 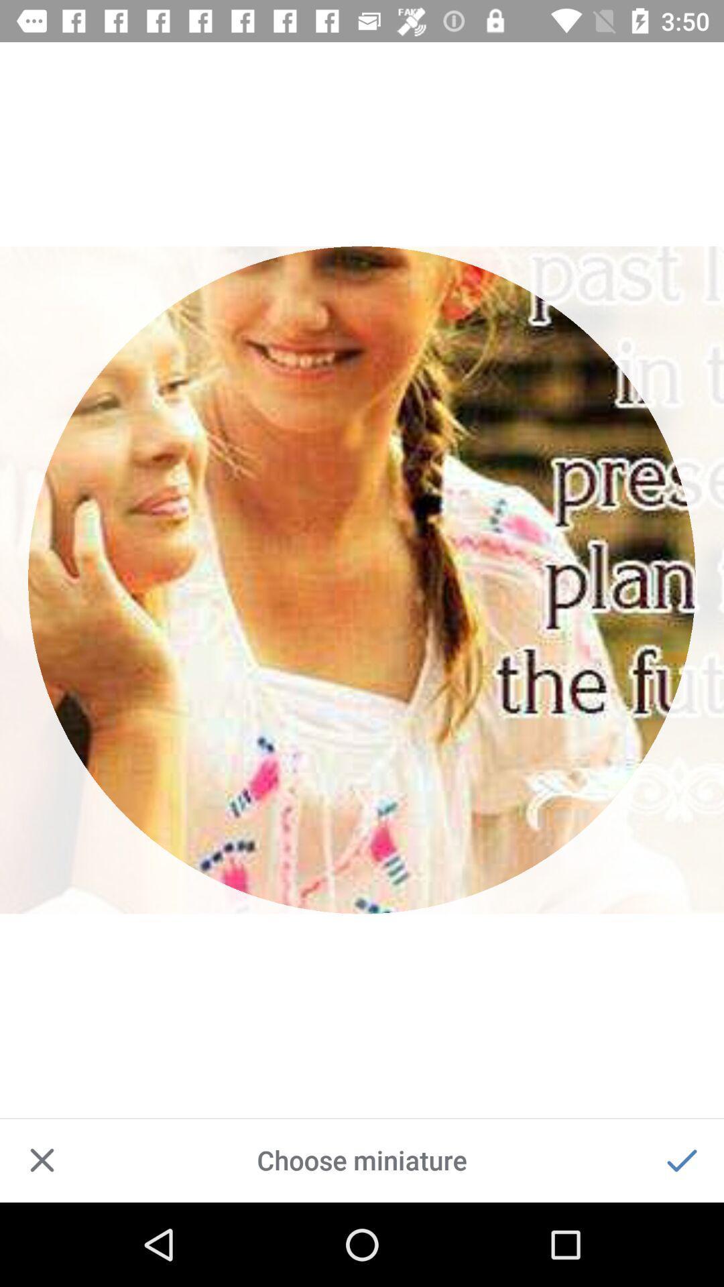 What do you see at coordinates (682, 1160) in the screenshot?
I see `the check icon` at bounding box center [682, 1160].